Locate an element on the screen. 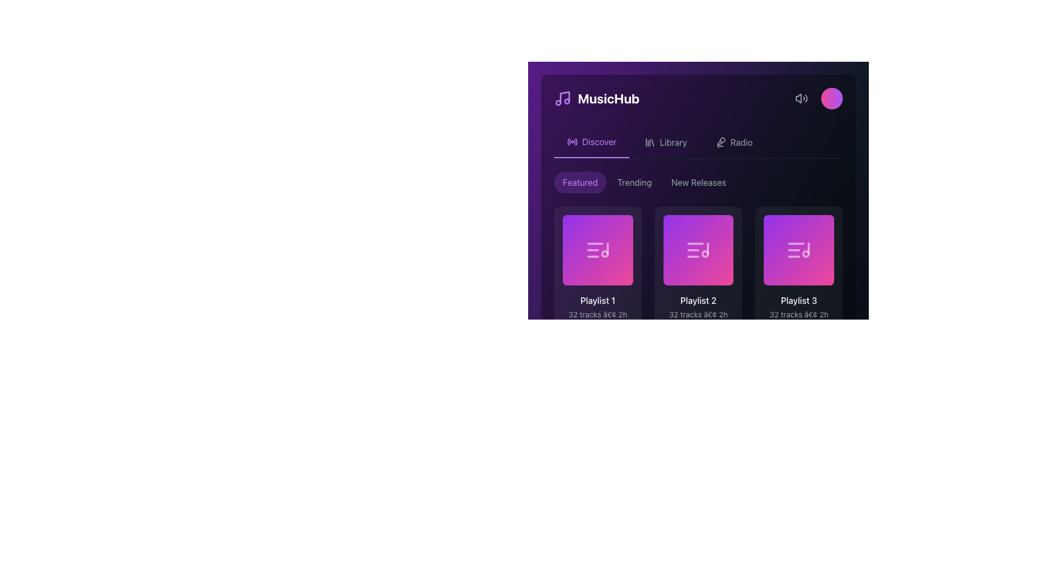 Image resolution: width=1040 pixels, height=585 pixels. the circular graphic element with a gradient background transitioning from pink to purple, located at the far-right end of the horizontal arrangement group, adjacent to a volume or audio feature icon is located at coordinates (831, 98).